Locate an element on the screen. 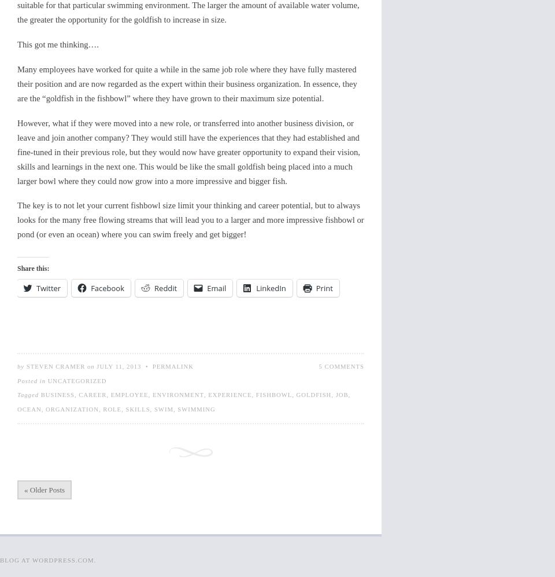  'LinkedIn' is located at coordinates (271, 288).